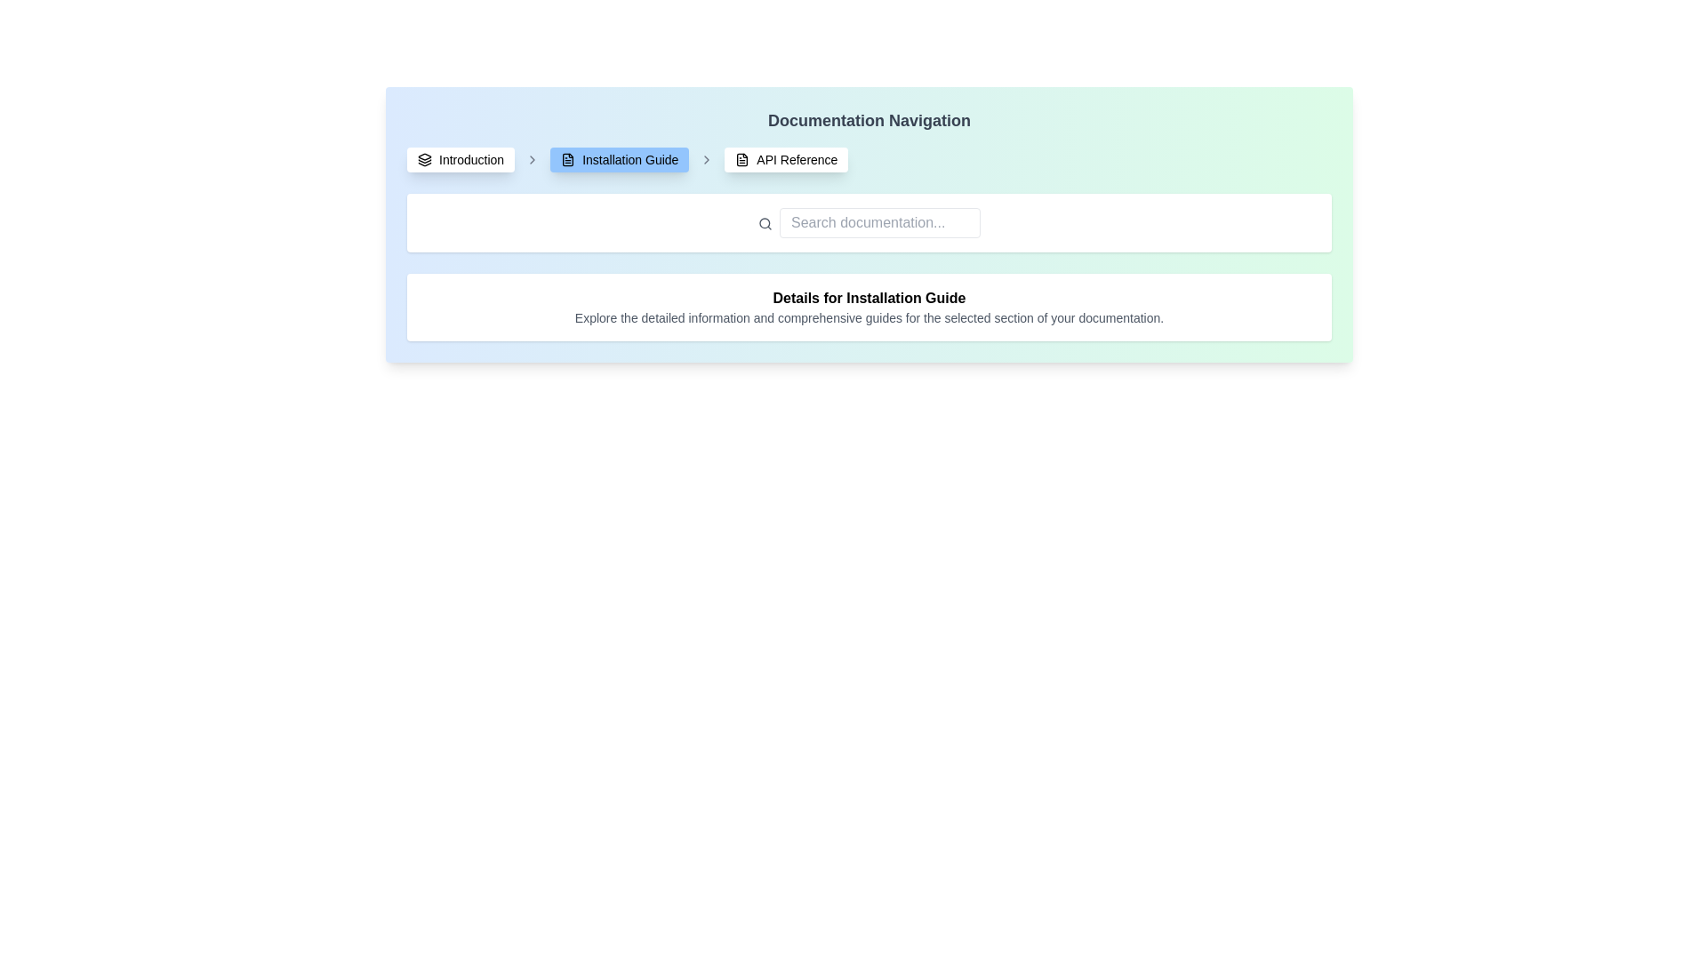 The image size is (1707, 960). What do you see at coordinates (742, 160) in the screenshot?
I see `the document icon in the breadcrumb navigation bar, which is represented by a rectangular outline with slightly curved edges` at bounding box center [742, 160].